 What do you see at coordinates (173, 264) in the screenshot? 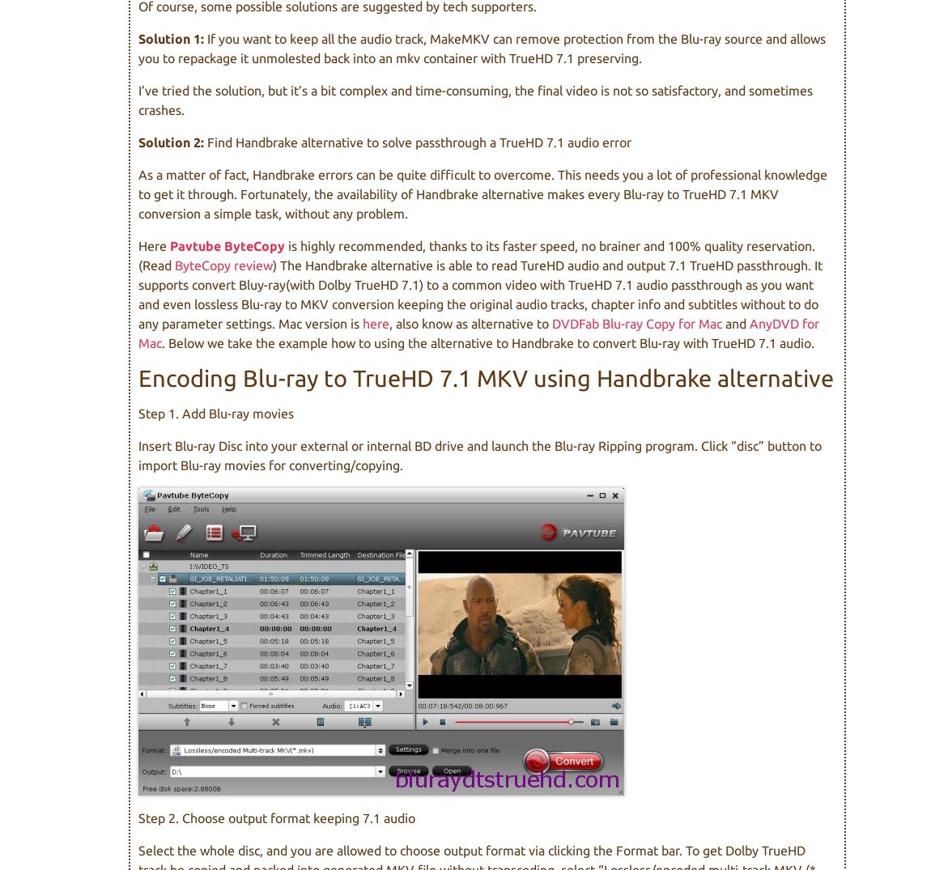
I see `'ByteCopy review'` at bounding box center [173, 264].